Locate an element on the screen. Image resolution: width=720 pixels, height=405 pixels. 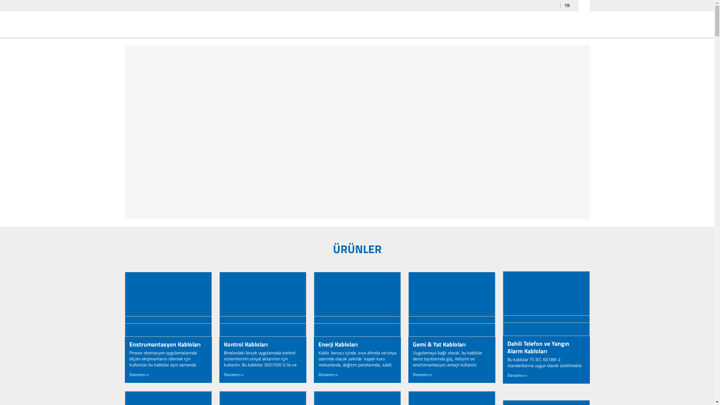
'2M KABLO' is located at coordinates (167, 24).